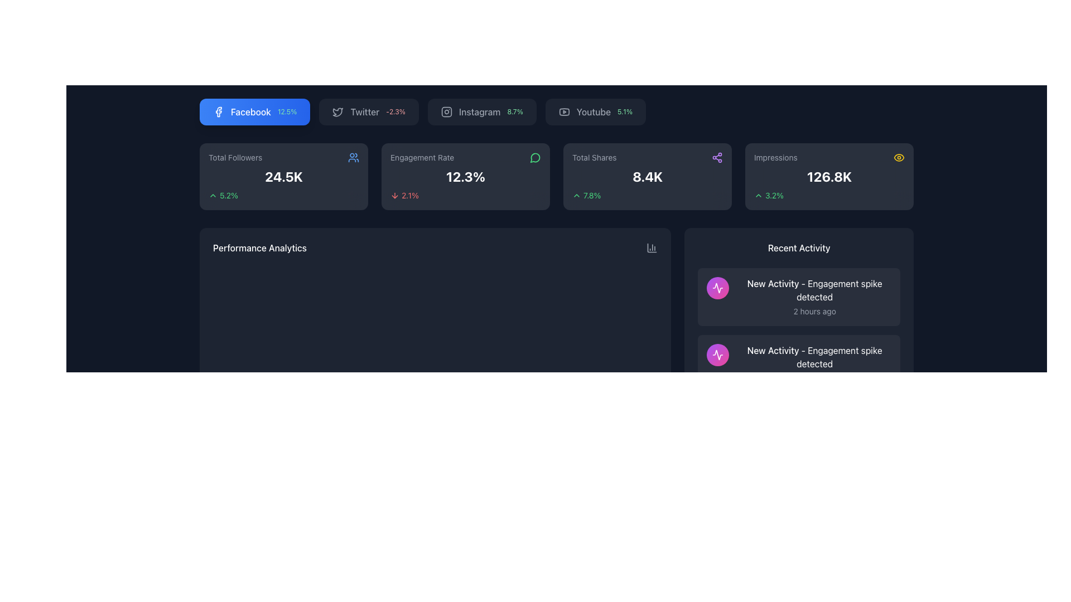 The image size is (1071, 602). I want to click on the YouTube SVG Icon located within the 'Youtube' button in the header section, so click(564, 111).